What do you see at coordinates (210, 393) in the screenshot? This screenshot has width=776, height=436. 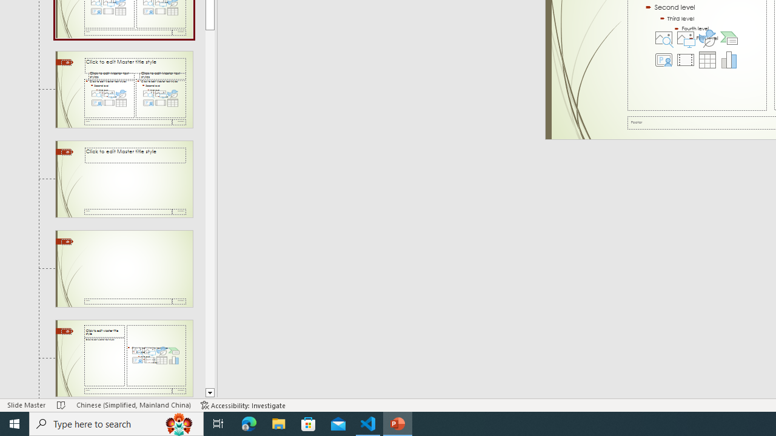 I see `'Line down'` at bounding box center [210, 393].